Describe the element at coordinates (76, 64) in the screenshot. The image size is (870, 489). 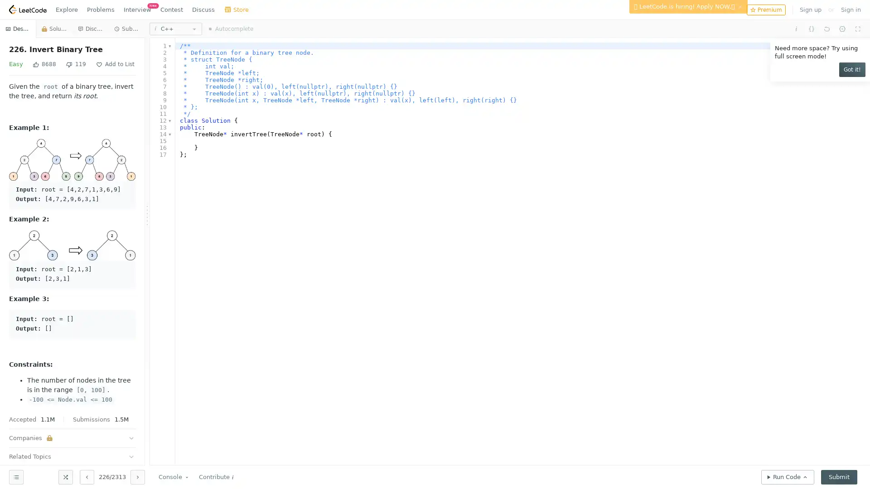
I see `119` at that location.